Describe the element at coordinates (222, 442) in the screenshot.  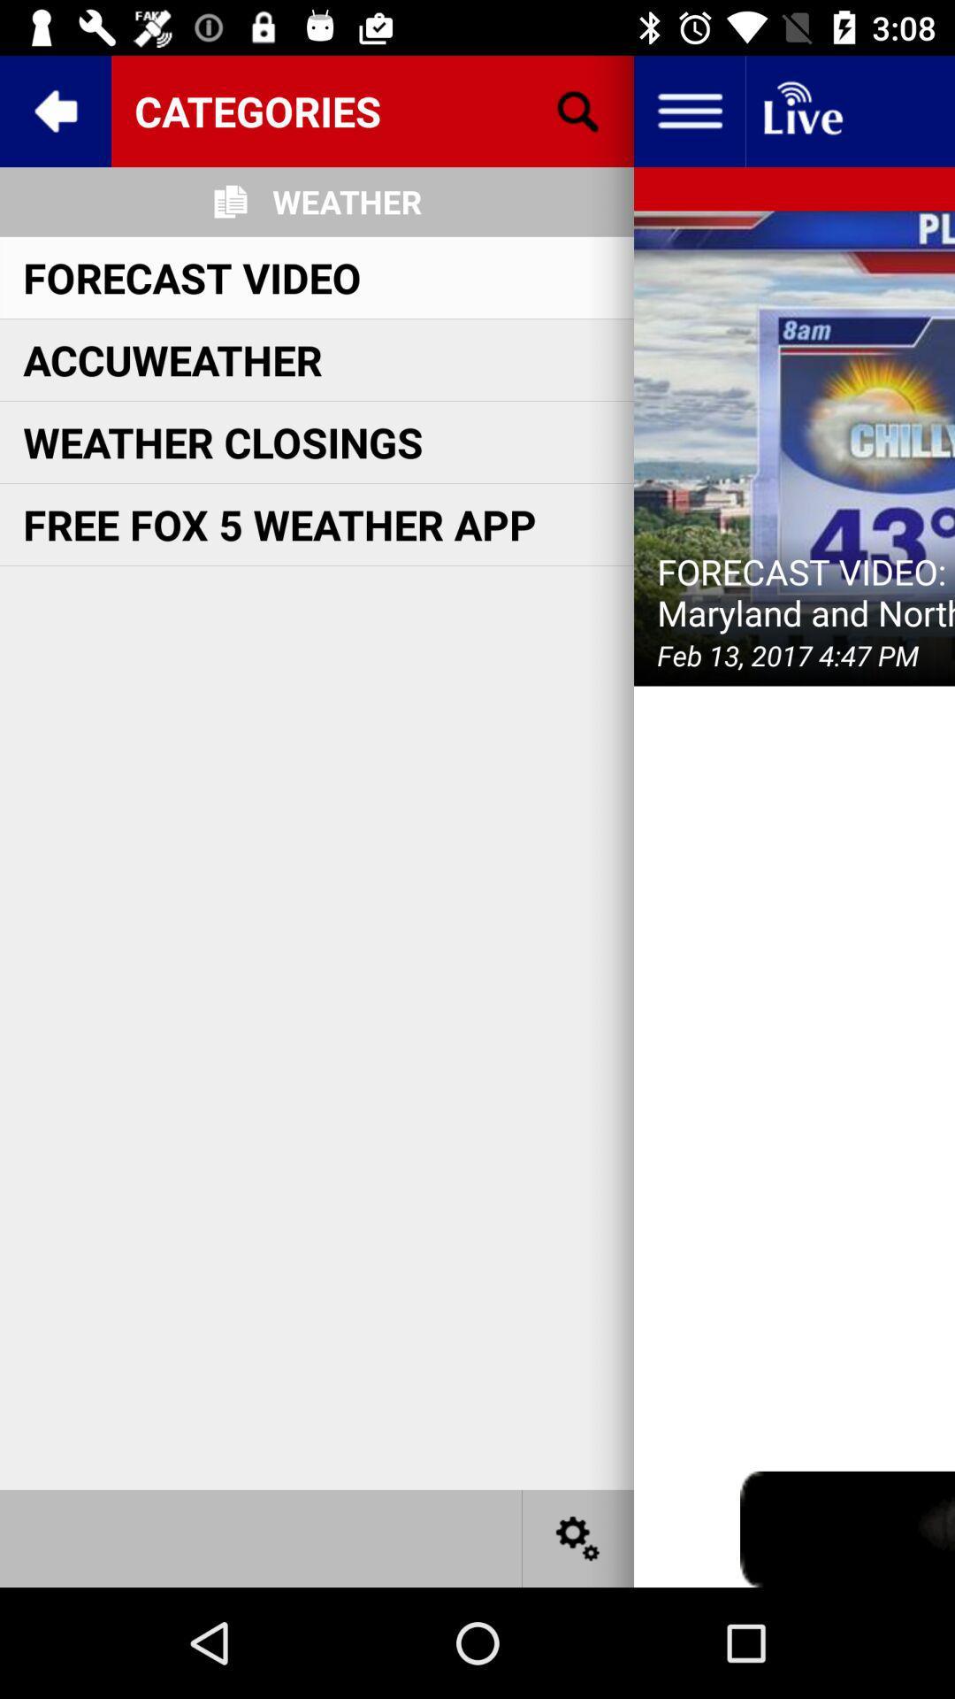
I see `the weather closings item` at that location.